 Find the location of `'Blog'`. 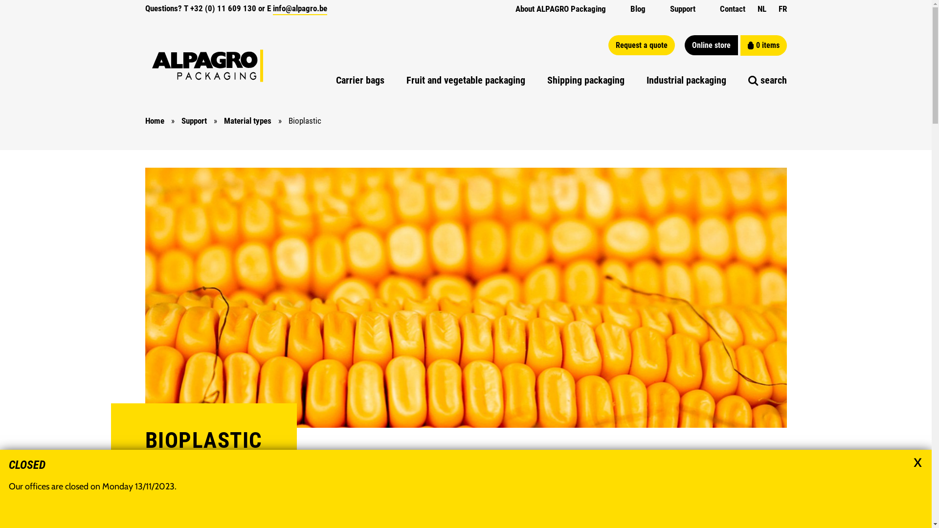

'Blog' is located at coordinates (629, 9).